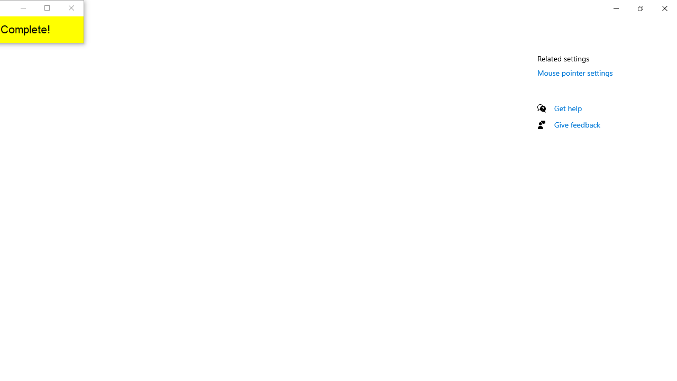  Describe the element at coordinates (664, 8) in the screenshot. I see `'Close Settings'` at that location.